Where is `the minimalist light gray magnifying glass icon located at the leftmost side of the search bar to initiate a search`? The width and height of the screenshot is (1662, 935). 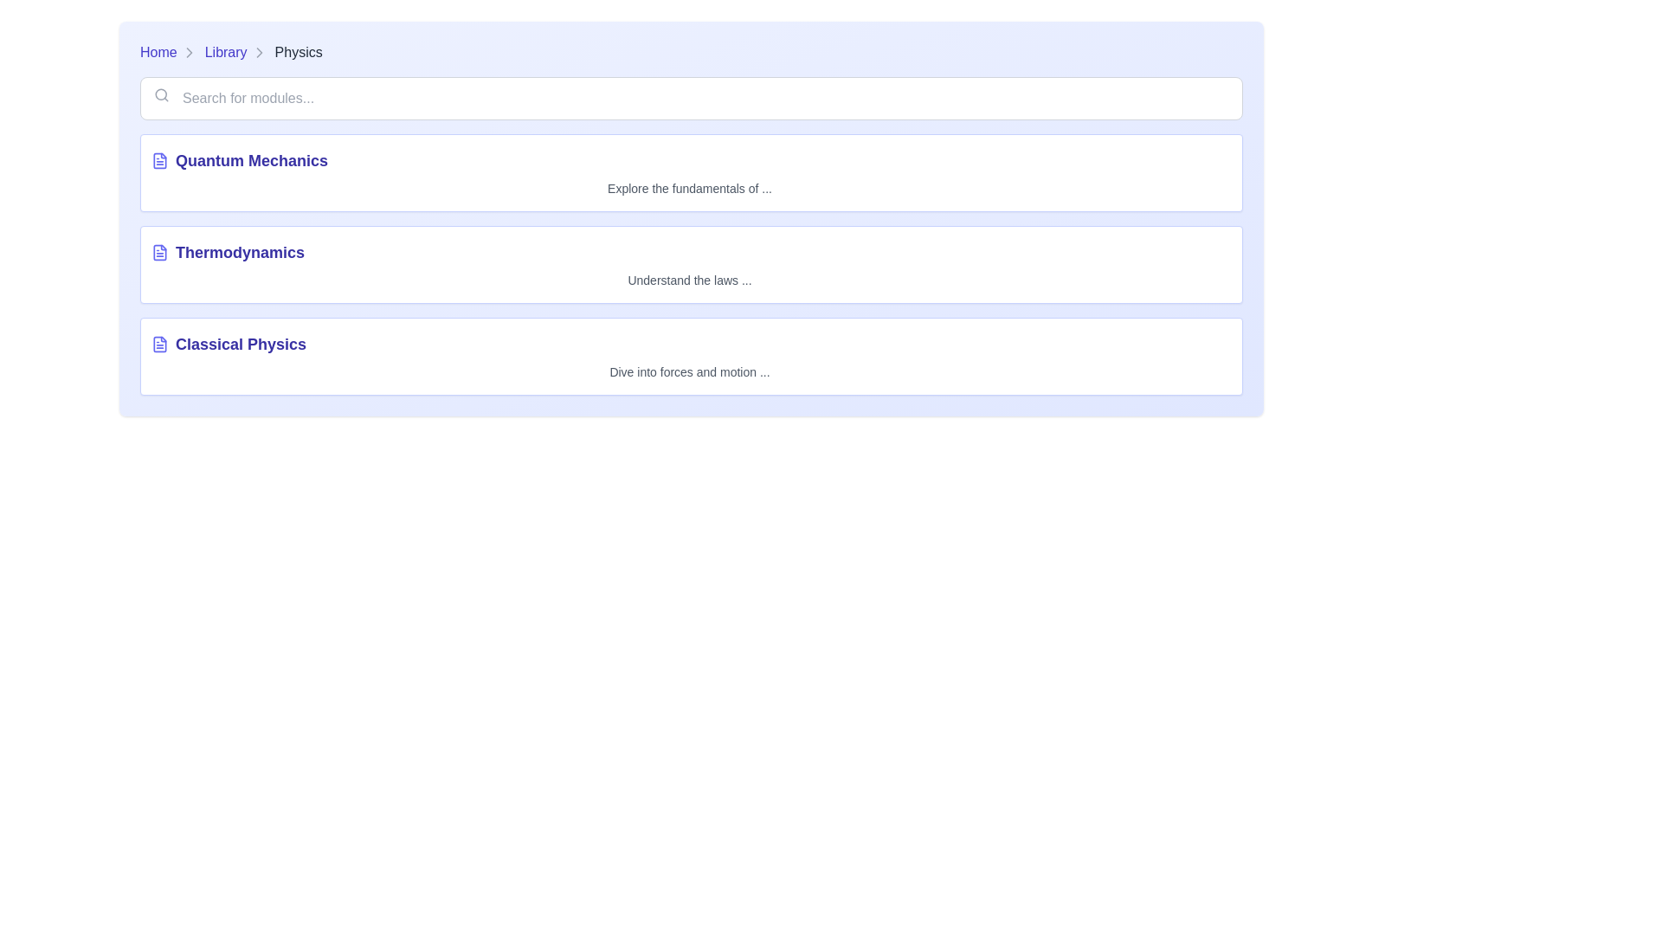
the minimalist light gray magnifying glass icon located at the leftmost side of the search bar to initiate a search is located at coordinates (162, 95).